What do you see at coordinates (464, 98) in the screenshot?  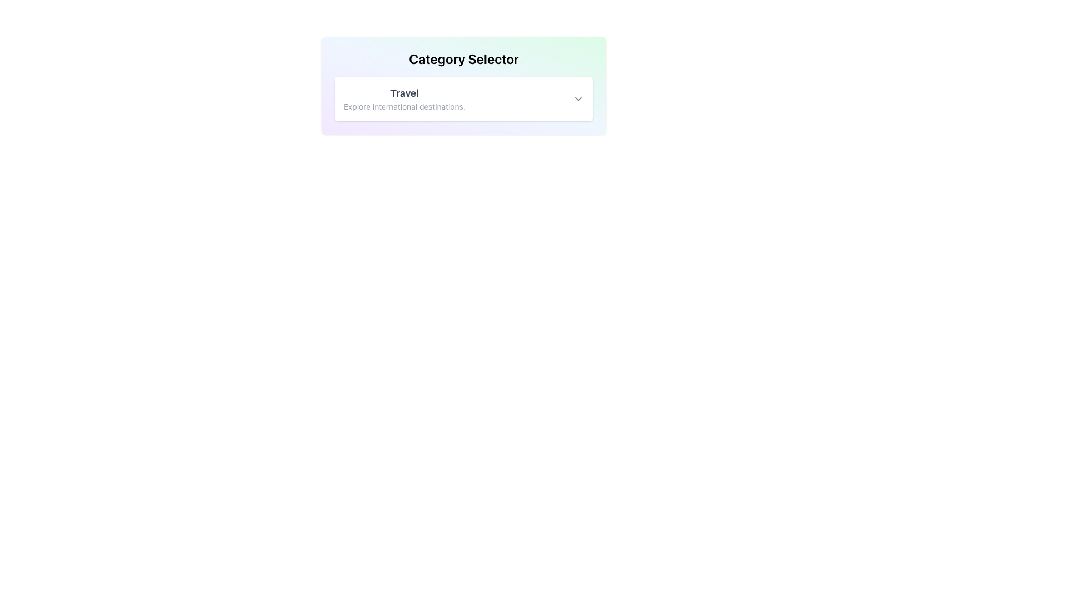 I see `the Dropdown Selector located below the 'Category Selector' title` at bounding box center [464, 98].